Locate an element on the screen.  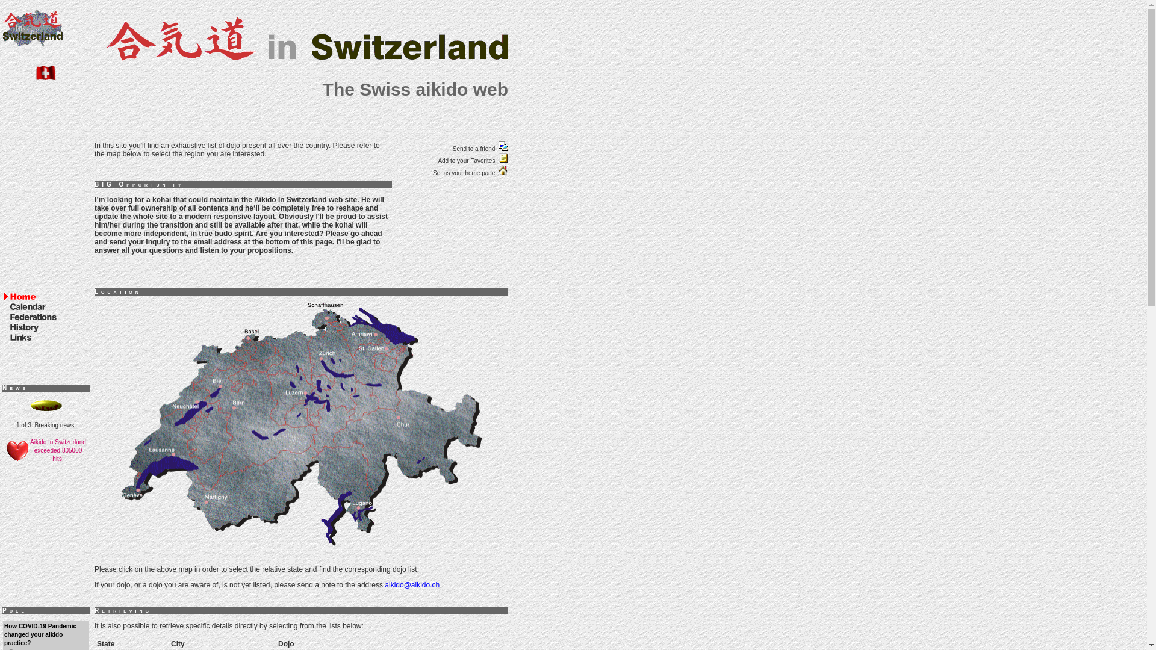
'aikido@aikido.ch' is located at coordinates (412, 584).